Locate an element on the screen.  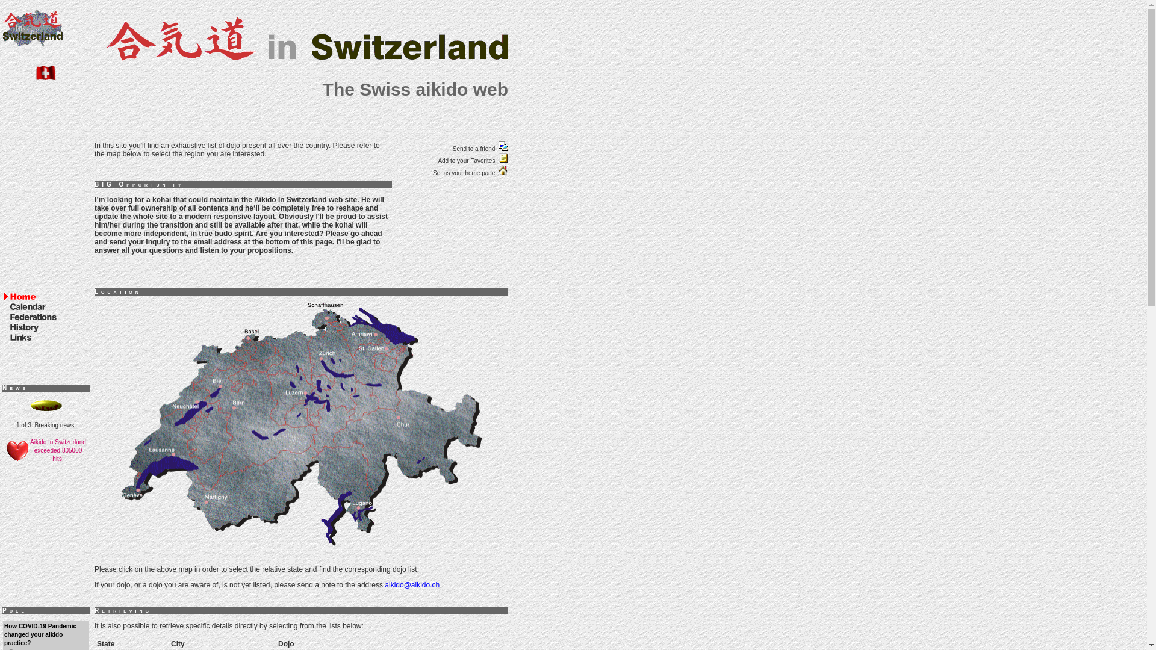
'aikido@aikido.ch' is located at coordinates (412, 584).